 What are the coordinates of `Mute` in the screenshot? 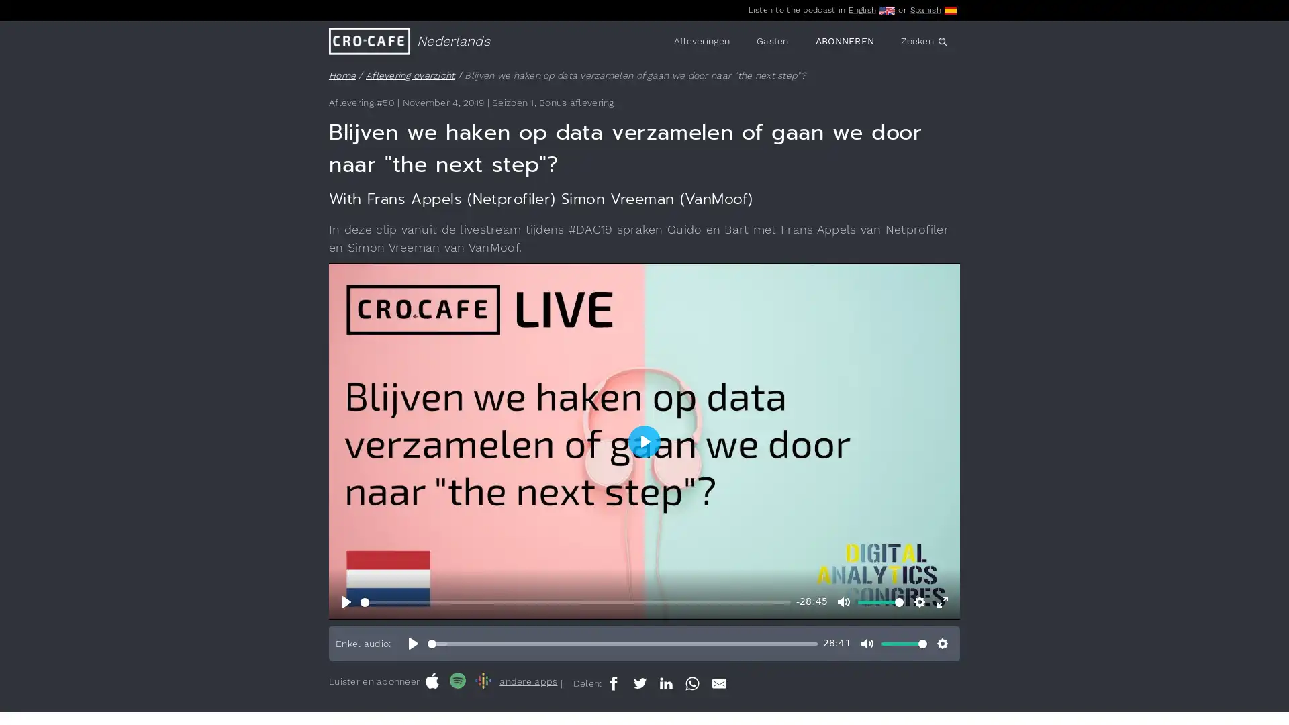 It's located at (843, 601).